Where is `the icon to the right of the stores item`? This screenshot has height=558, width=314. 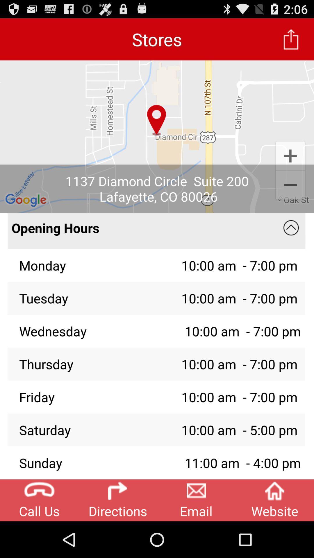
the icon to the right of the stores item is located at coordinates (291, 39).